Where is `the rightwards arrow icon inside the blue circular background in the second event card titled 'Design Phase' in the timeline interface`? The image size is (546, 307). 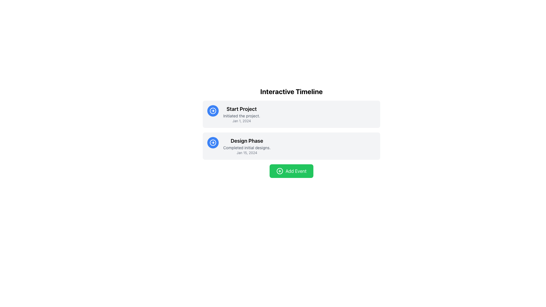
the rightwards arrow icon inside the blue circular background in the second event card titled 'Design Phase' in the timeline interface is located at coordinates (212, 111).